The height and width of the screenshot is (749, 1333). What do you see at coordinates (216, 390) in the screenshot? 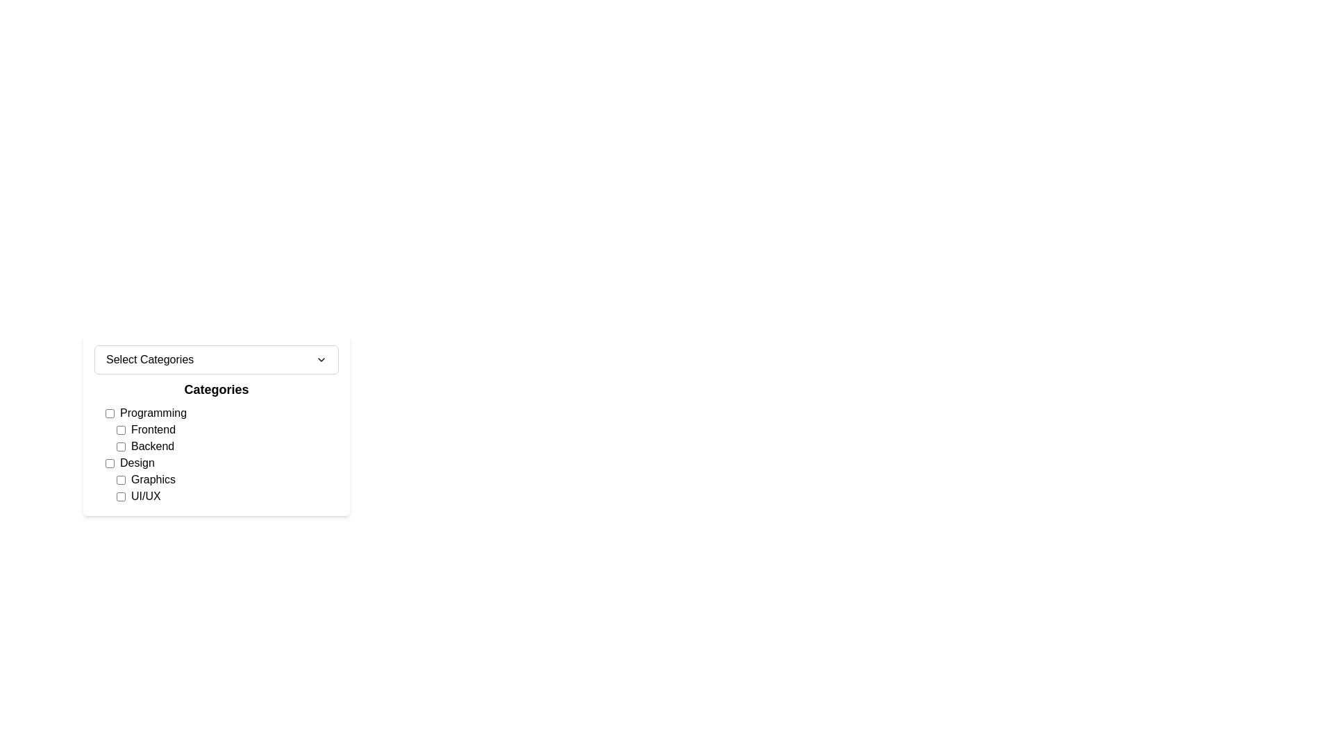
I see `the static text label element reading 'Categories', which is styled in bold and larger typography, positioned above the category selection list` at bounding box center [216, 390].